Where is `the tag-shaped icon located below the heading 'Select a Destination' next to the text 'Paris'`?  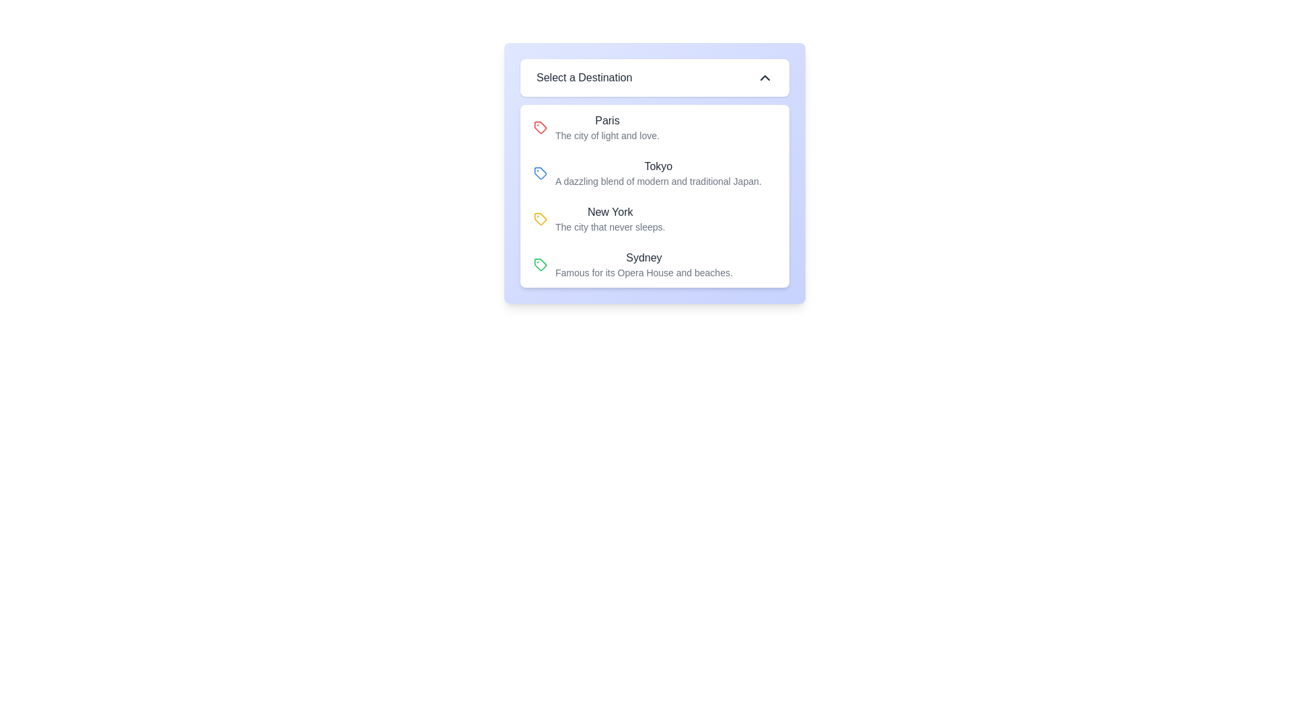
the tag-shaped icon located below the heading 'Select a Destination' next to the text 'Paris' is located at coordinates (541, 127).